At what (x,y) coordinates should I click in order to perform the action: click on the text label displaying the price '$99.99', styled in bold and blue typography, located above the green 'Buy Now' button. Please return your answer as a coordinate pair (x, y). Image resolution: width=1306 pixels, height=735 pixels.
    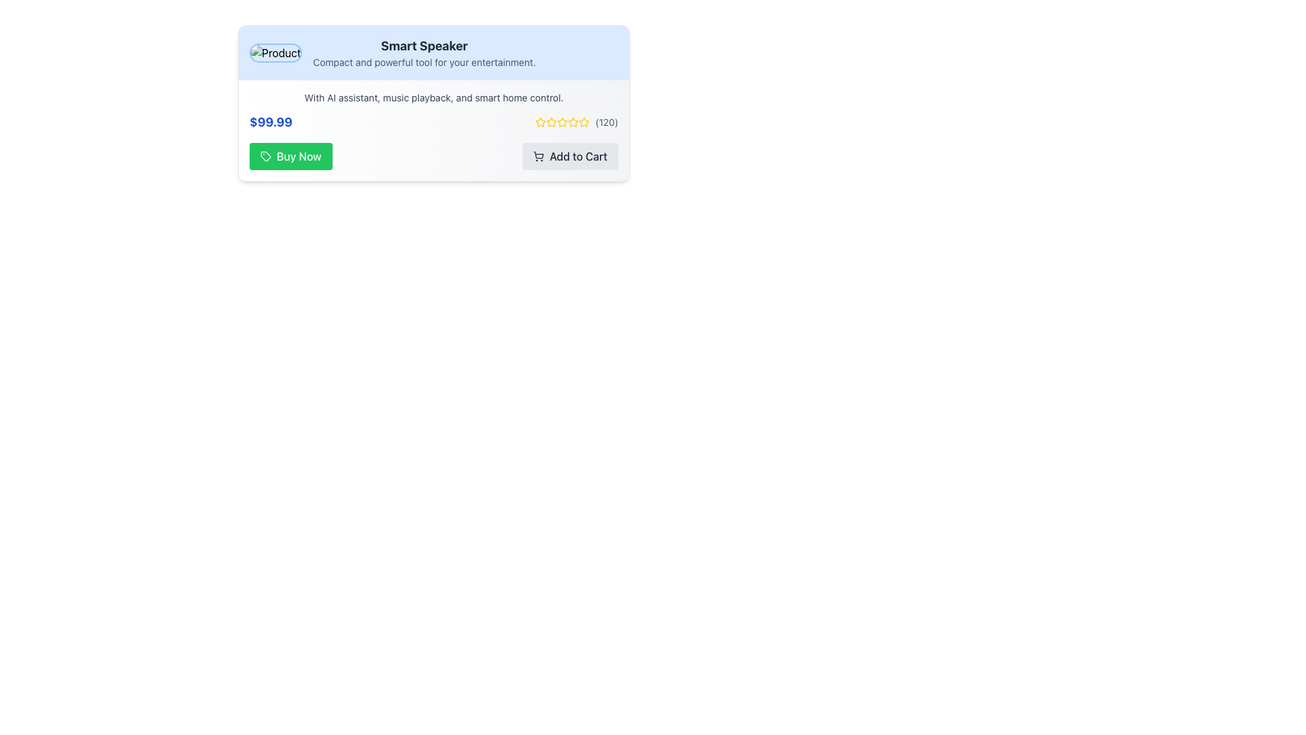
    Looking at the image, I should click on (271, 122).